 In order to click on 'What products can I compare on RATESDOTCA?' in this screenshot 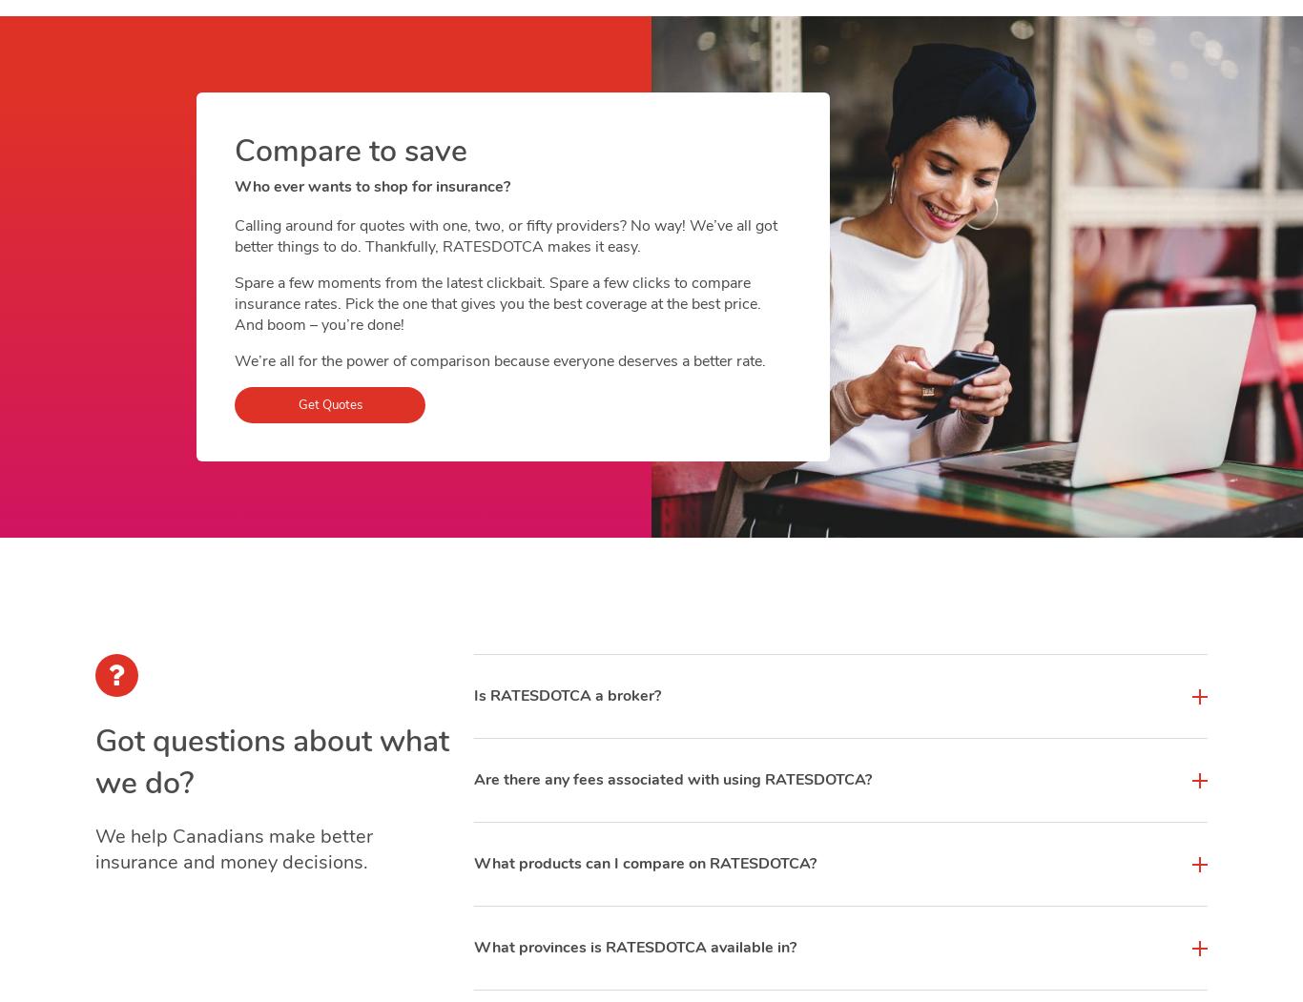, I will do `click(643, 863)`.